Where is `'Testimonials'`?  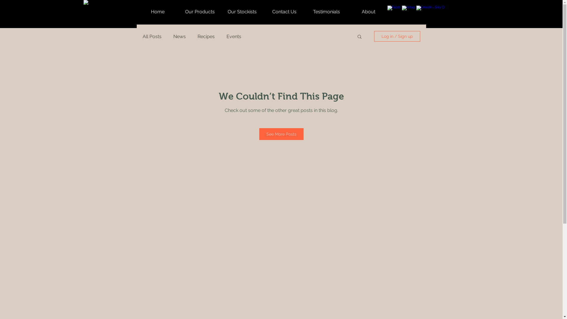 'Testimonials' is located at coordinates (326, 12).